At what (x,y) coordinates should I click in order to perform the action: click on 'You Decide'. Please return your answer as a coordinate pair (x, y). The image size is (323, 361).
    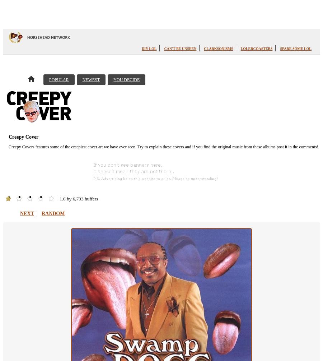
    Looking at the image, I should click on (113, 79).